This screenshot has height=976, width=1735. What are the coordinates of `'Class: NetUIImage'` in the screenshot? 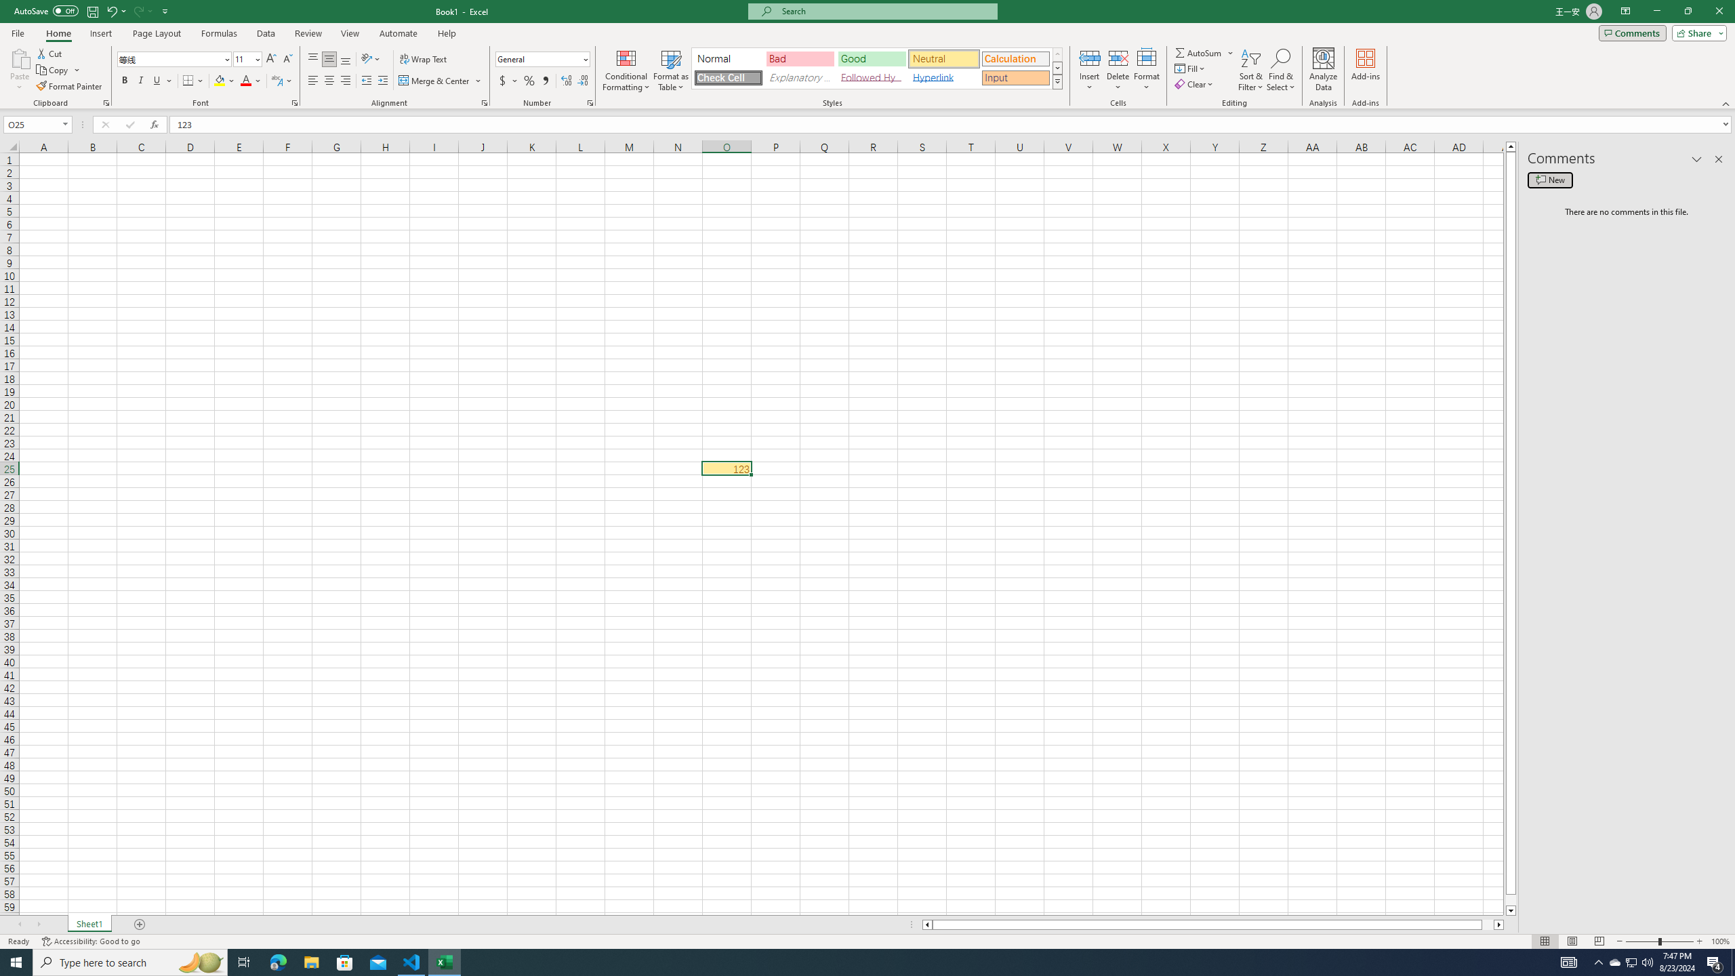 It's located at (1057, 81).